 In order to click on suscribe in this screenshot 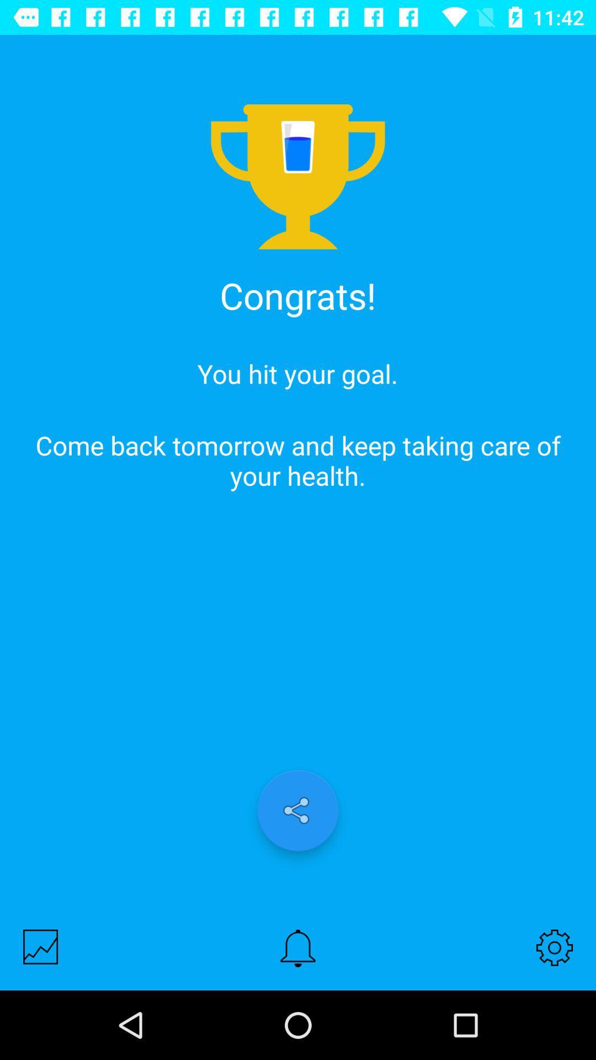, I will do `click(298, 947)`.